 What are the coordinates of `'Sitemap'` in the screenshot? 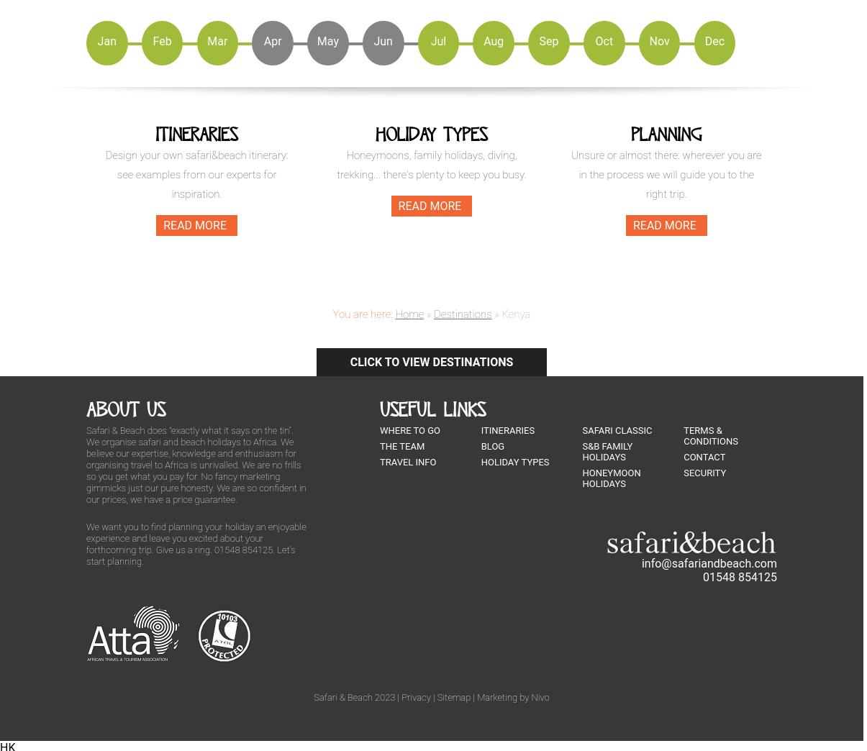 It's located at (436, 696).